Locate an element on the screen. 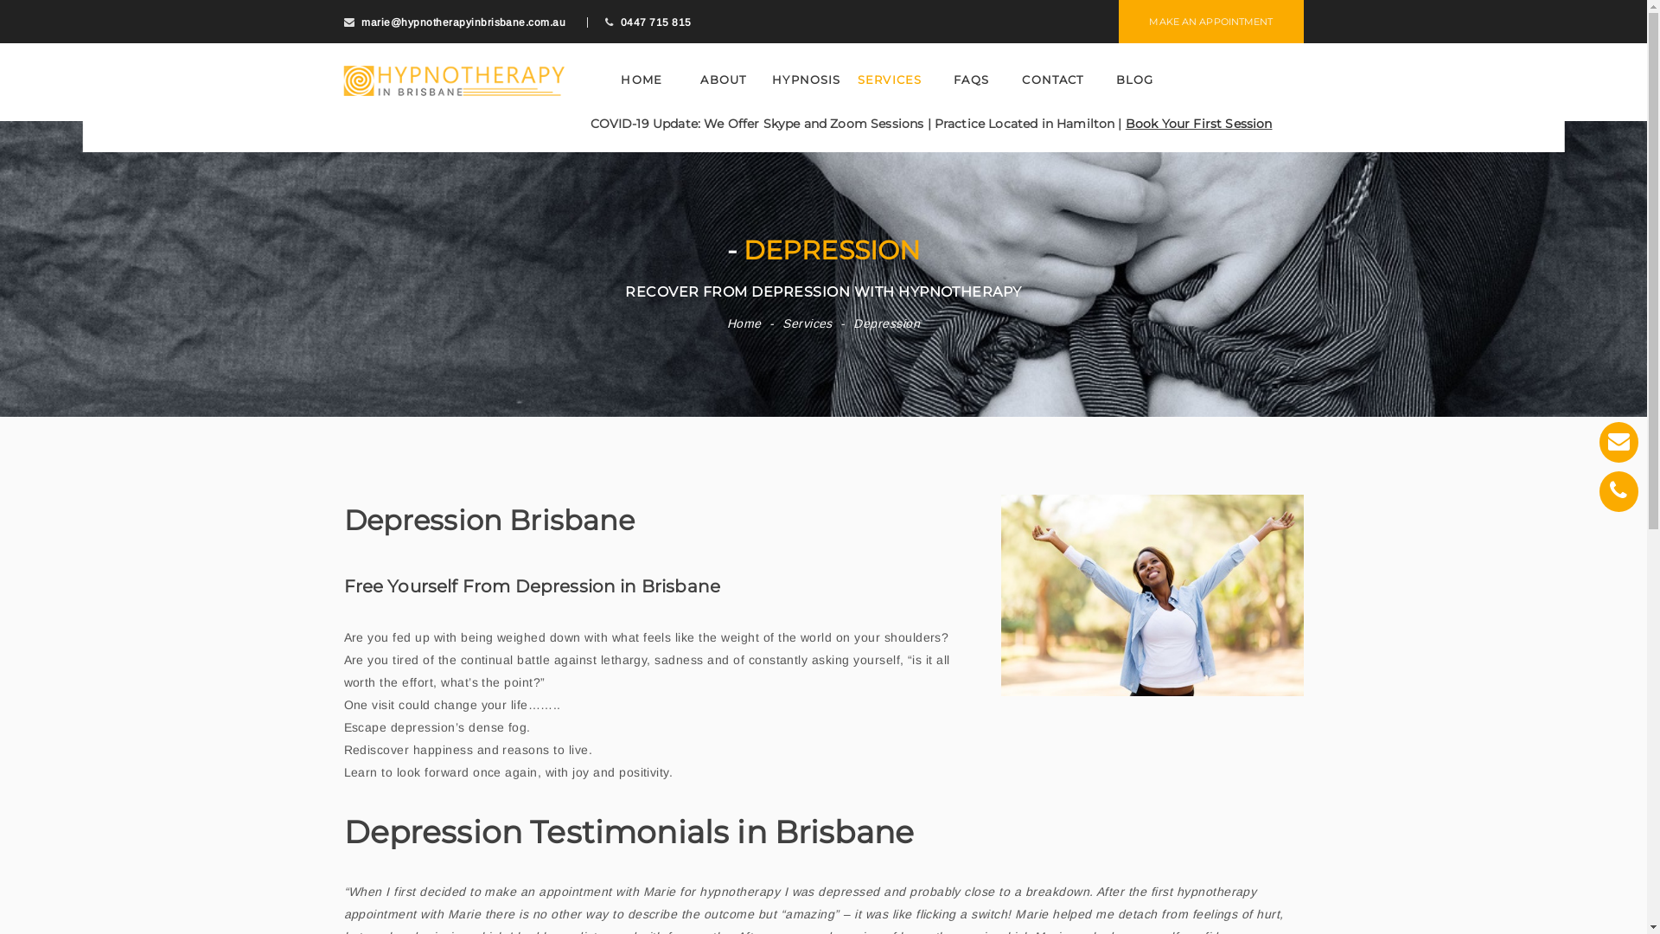  'Email Us' is located at coordinates (1618, 441).